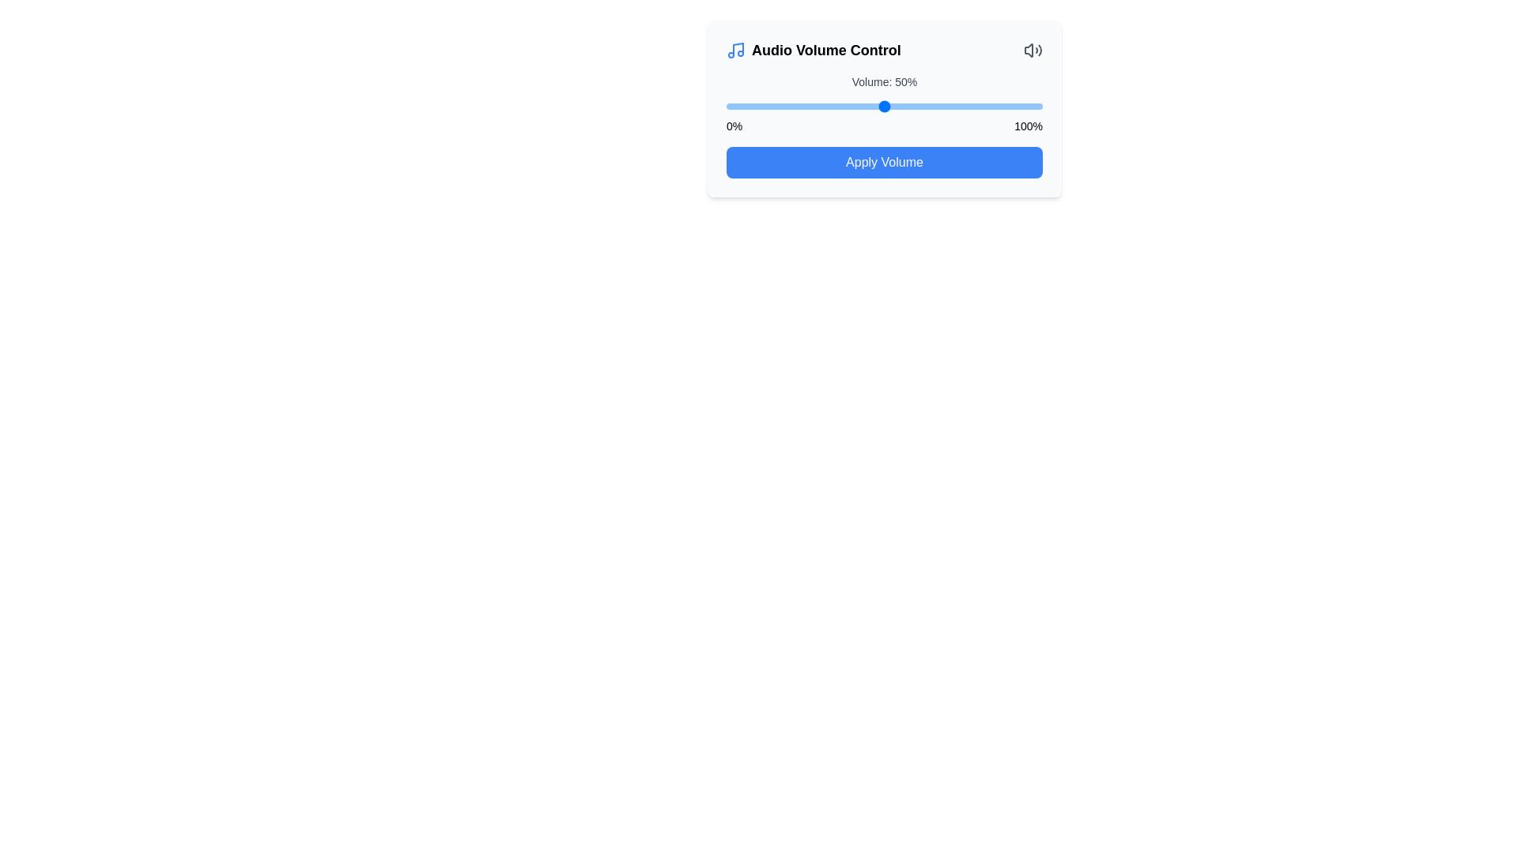 This screenshot has height=853, width=1518. What do you see at coordinates (1033, 50) in the screenshot?
I see `the speaker icon with sound waves in the 'Audio Volume Control' header section, which is the rightmost icon next to the title text and music note icon` at bounding box center [1033, 50].